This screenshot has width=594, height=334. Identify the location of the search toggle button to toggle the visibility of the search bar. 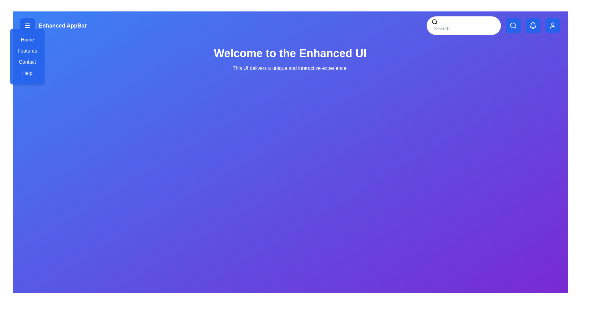
(513, 25).